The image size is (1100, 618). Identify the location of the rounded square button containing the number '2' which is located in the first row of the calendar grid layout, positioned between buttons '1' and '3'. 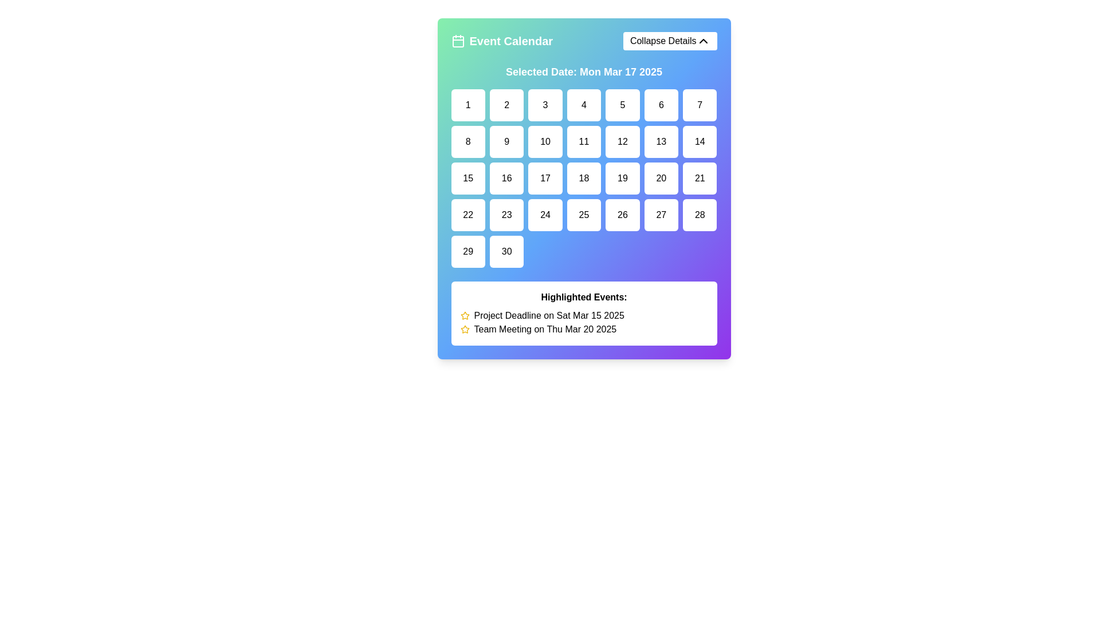
(506, 105).